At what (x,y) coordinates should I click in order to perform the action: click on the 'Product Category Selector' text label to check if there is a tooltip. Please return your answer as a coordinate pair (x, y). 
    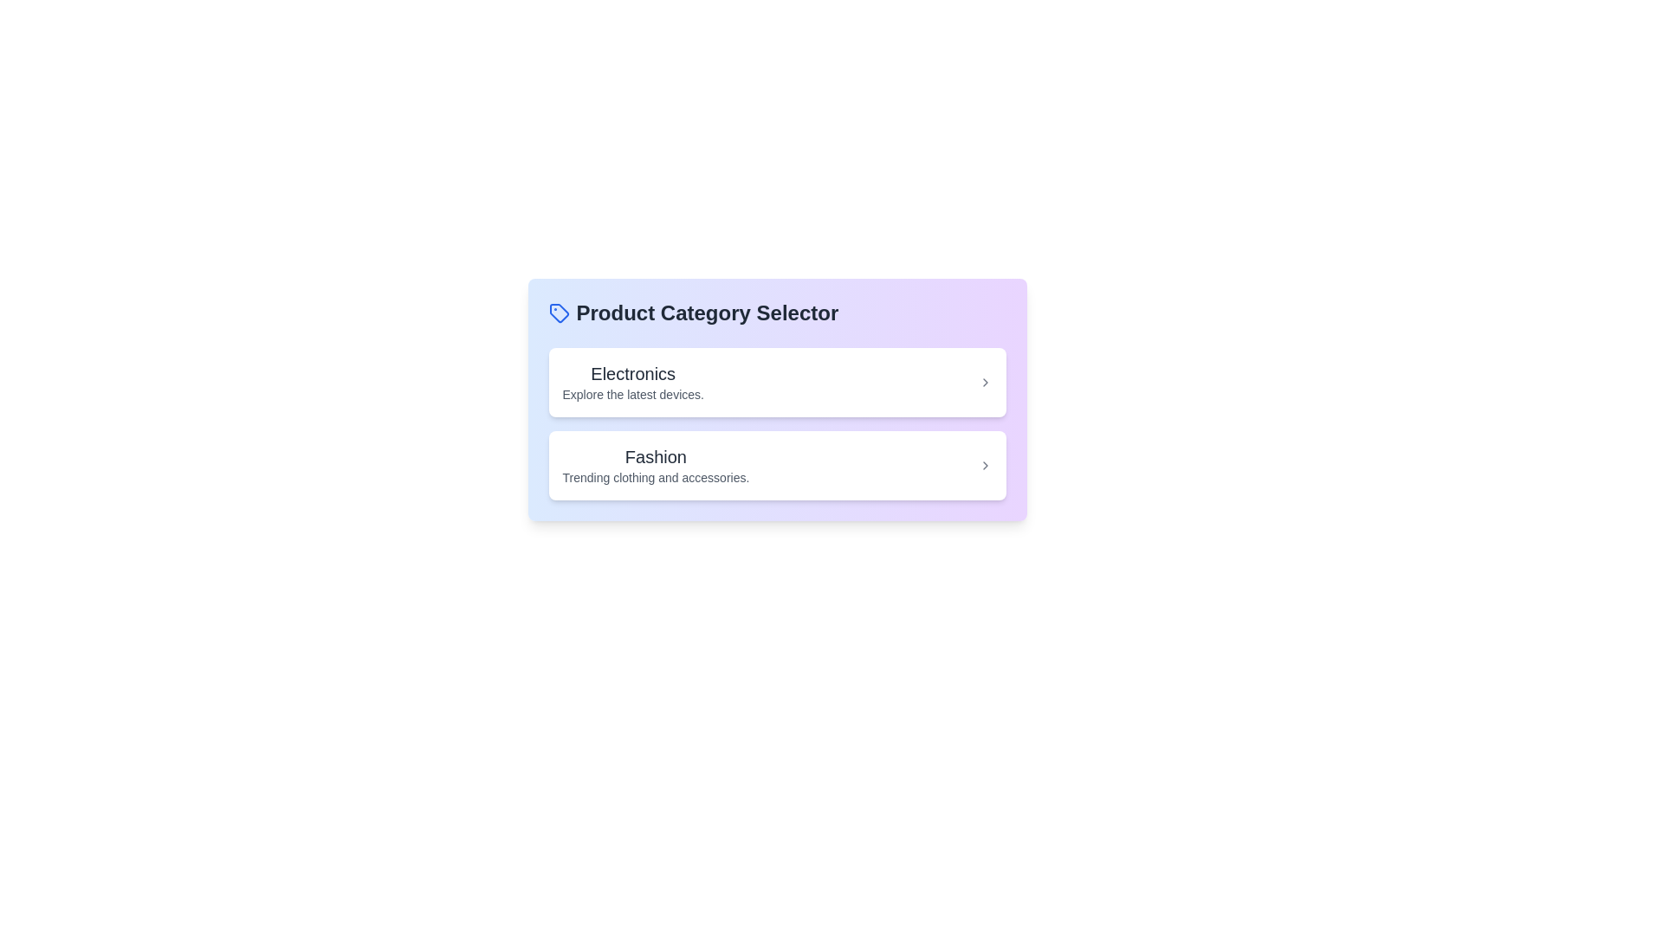
    Looking at the image, I should click on (707, 313).